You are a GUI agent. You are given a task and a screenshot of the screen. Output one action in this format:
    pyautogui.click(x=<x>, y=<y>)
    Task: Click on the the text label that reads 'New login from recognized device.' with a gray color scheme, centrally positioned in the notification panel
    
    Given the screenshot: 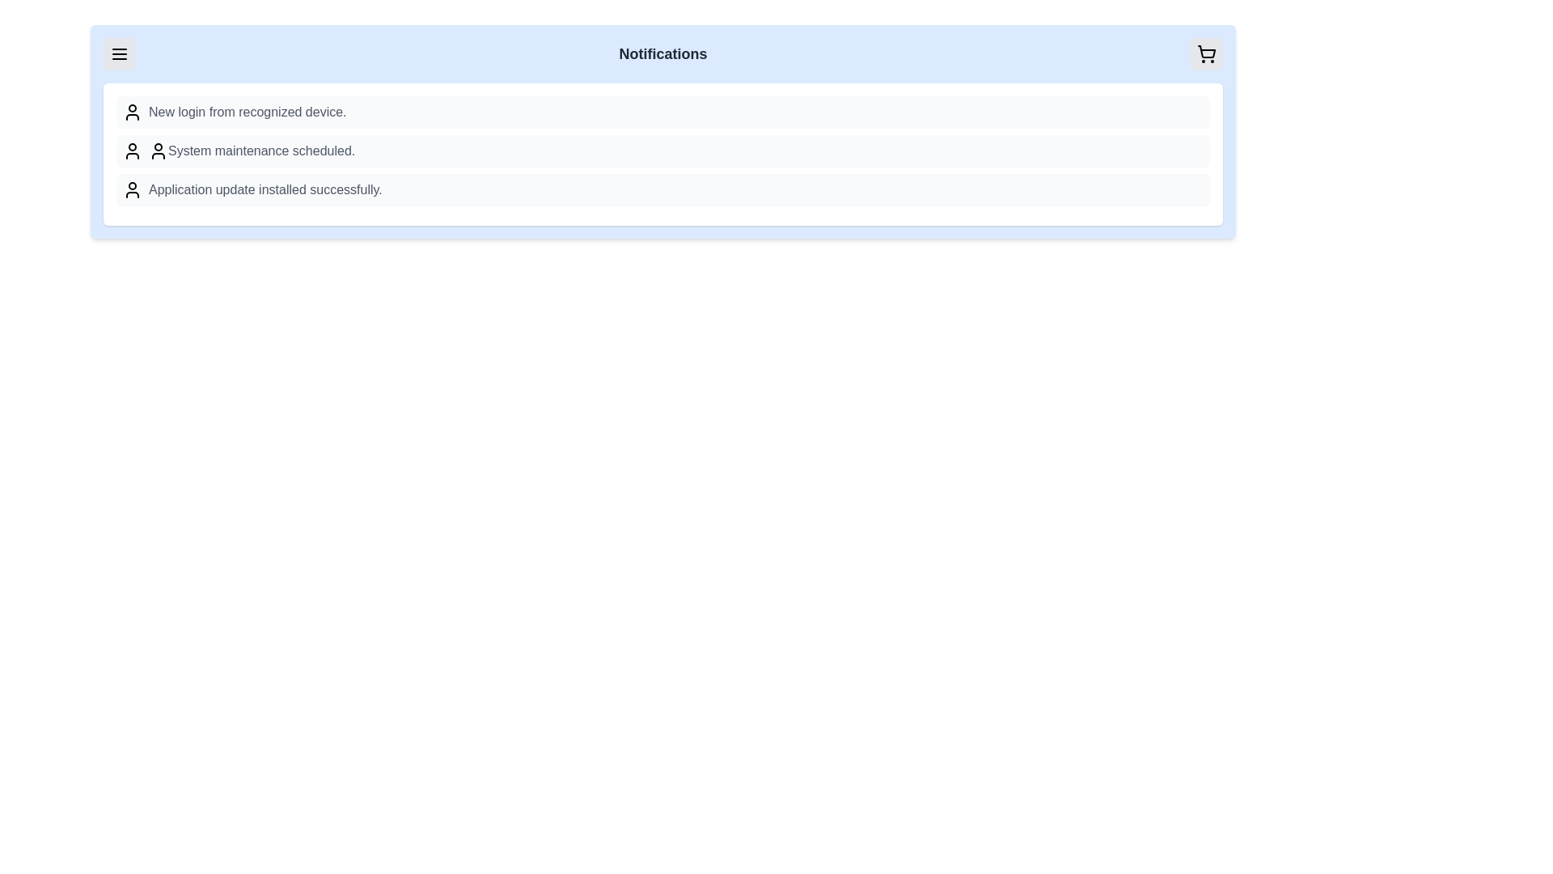 What is the action you would take?
    pyautogui.click(x=247, y=111)
    